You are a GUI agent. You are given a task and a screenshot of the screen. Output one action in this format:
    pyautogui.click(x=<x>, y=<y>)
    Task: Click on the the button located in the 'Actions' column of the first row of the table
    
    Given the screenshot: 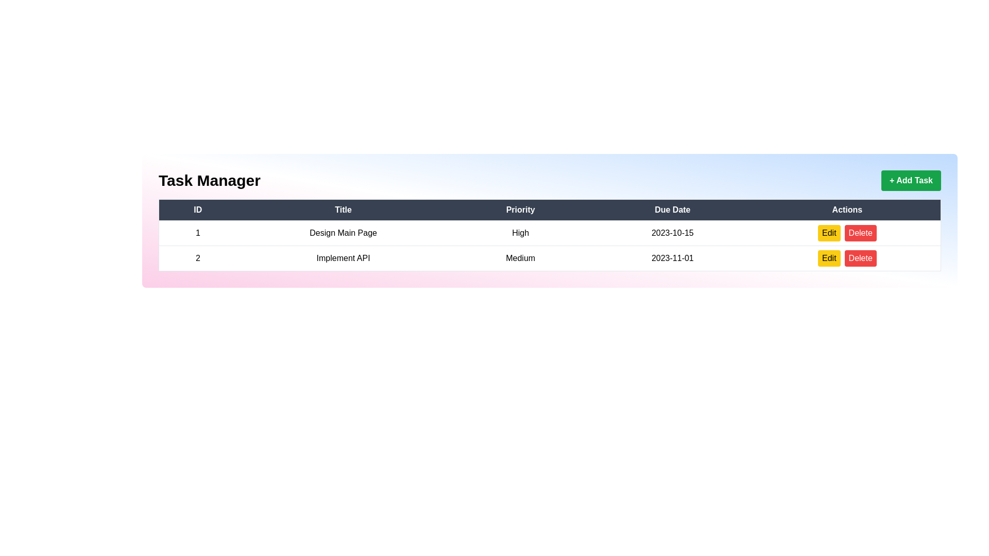 What is the action you would take?
    pyautogui.click(x=829, y=233)
    